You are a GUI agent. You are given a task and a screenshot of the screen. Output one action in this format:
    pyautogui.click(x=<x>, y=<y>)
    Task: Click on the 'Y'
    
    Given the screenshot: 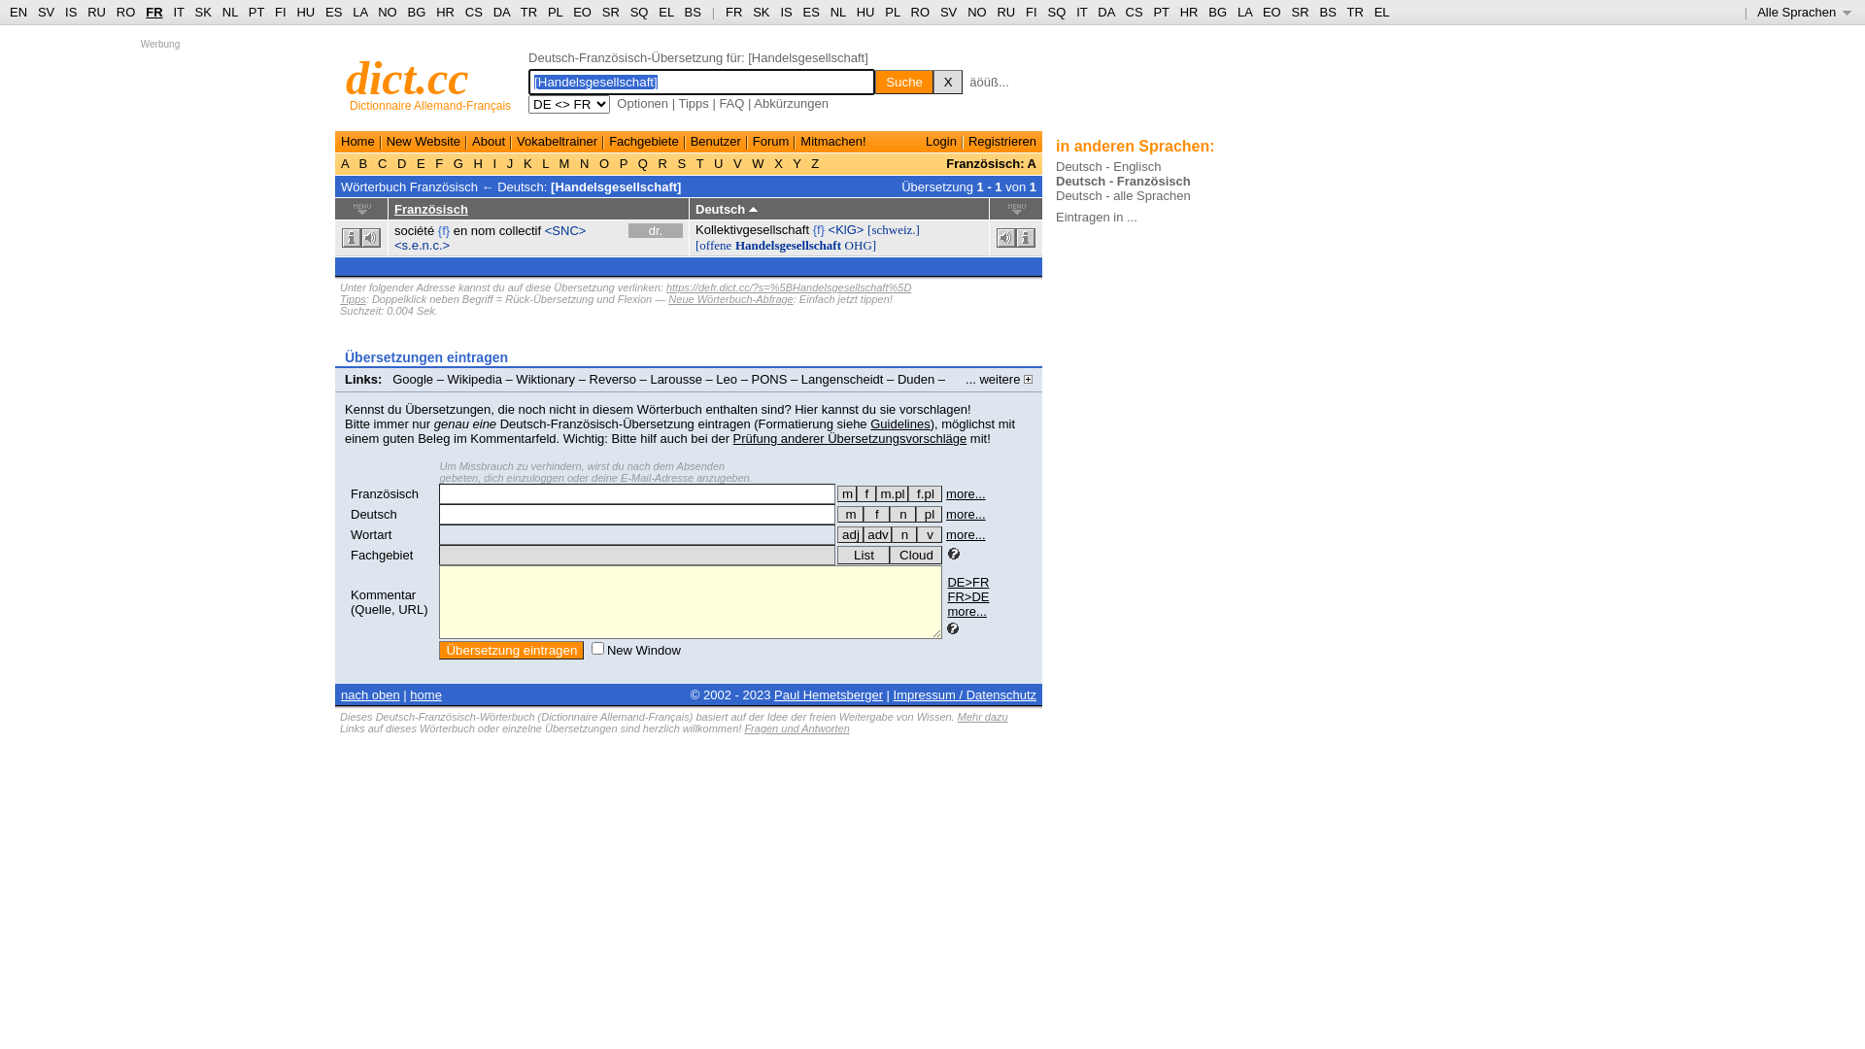 What is the action you would take?
    pyautogui.click(x=797, y=162)
    